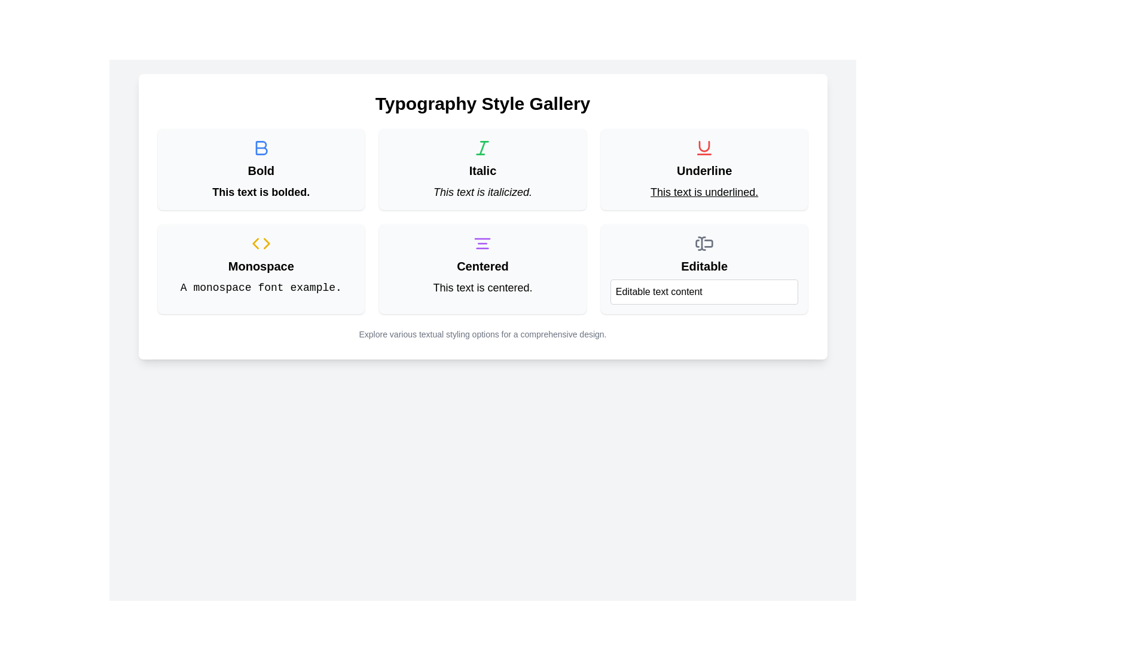  I want to click on the design of the bold text style icon located in the top-left cell of the Typography Style Gallery, above the text labeled 'Bold', so click(261, 147).